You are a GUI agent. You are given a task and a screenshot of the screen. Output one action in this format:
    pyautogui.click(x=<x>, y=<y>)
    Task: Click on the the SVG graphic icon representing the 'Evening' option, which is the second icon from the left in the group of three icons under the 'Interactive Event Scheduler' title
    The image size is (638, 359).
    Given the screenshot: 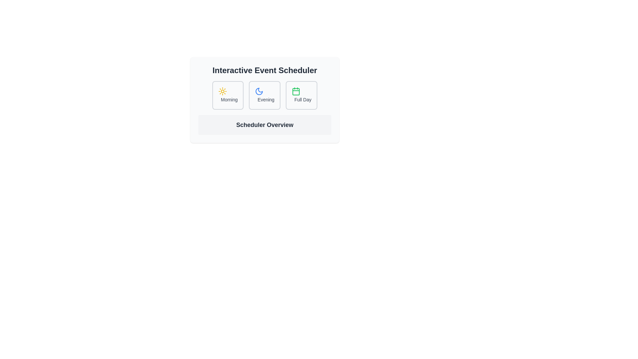 What is the action you would take?
    pyautogui.click(x=259, y=91)
    